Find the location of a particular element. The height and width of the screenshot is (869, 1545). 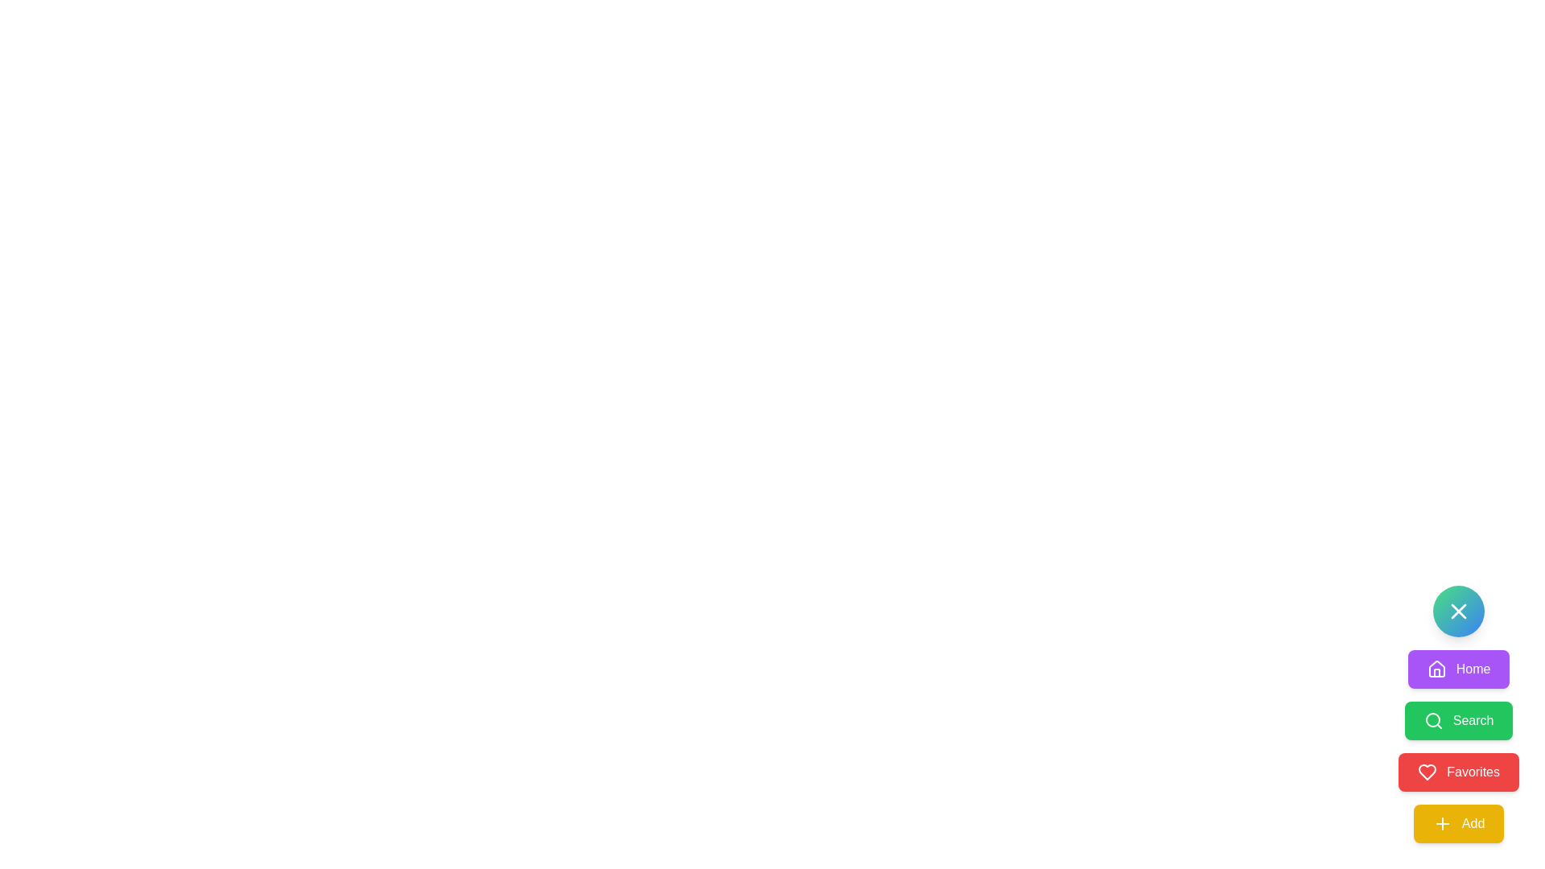

the icon resembling a cross located at the top center of the circular button above the rectangular buttons labeled 'Home', 'Search', 'Favorites', and 'Add' is located at coordinates (1459, 611).